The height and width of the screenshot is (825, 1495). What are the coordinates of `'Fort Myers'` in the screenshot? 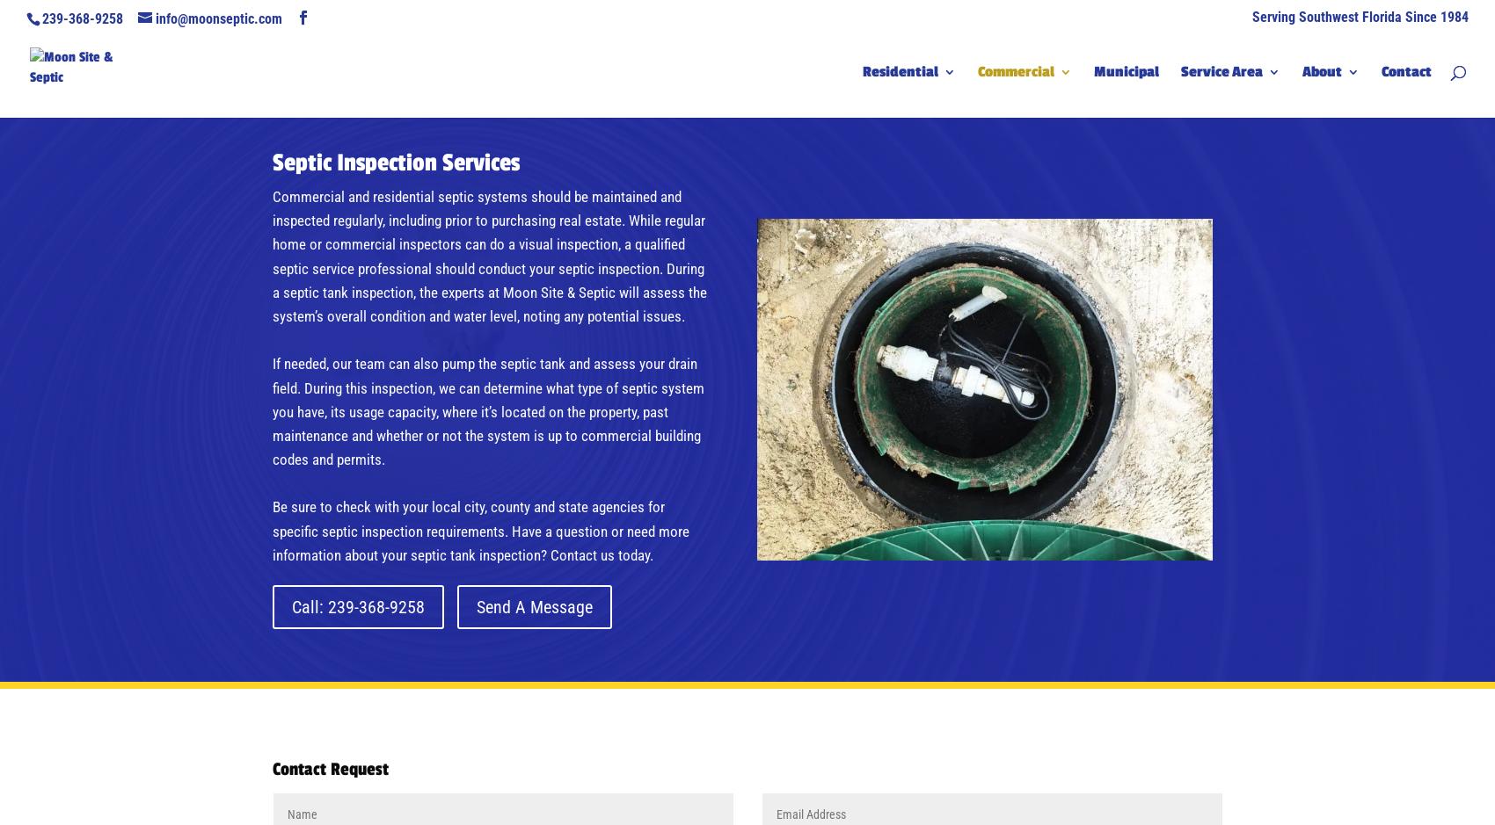 It's located at (1251, 156).